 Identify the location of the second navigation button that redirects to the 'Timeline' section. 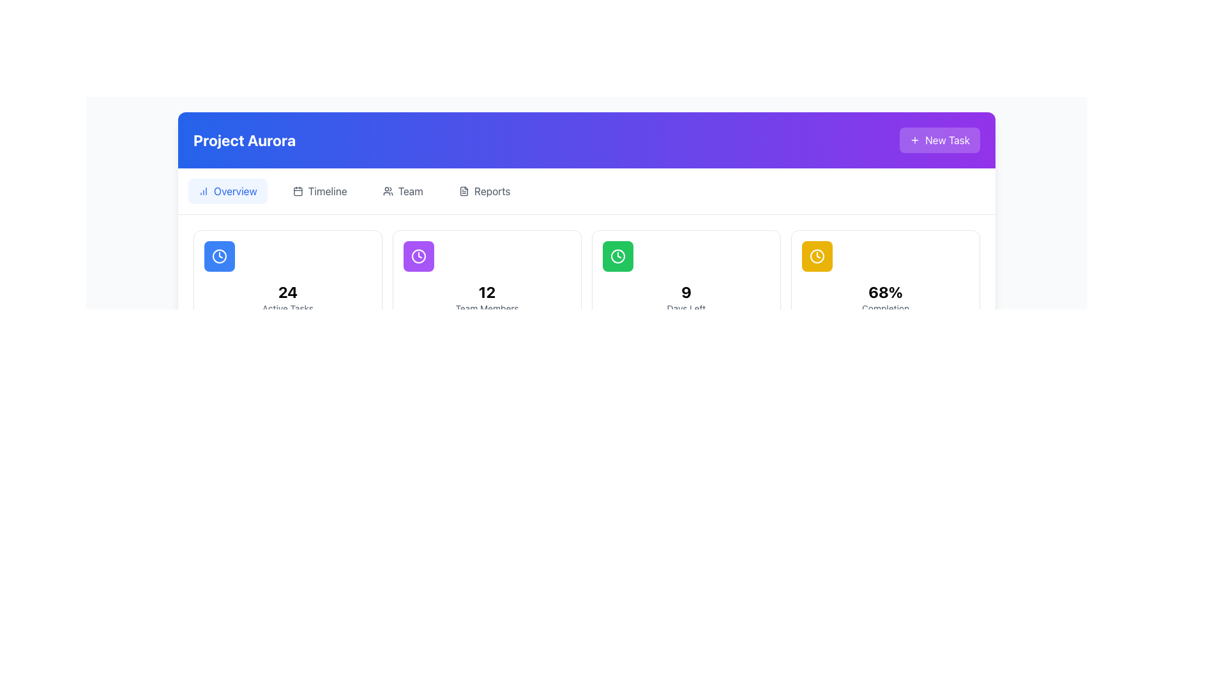
(320, 191).